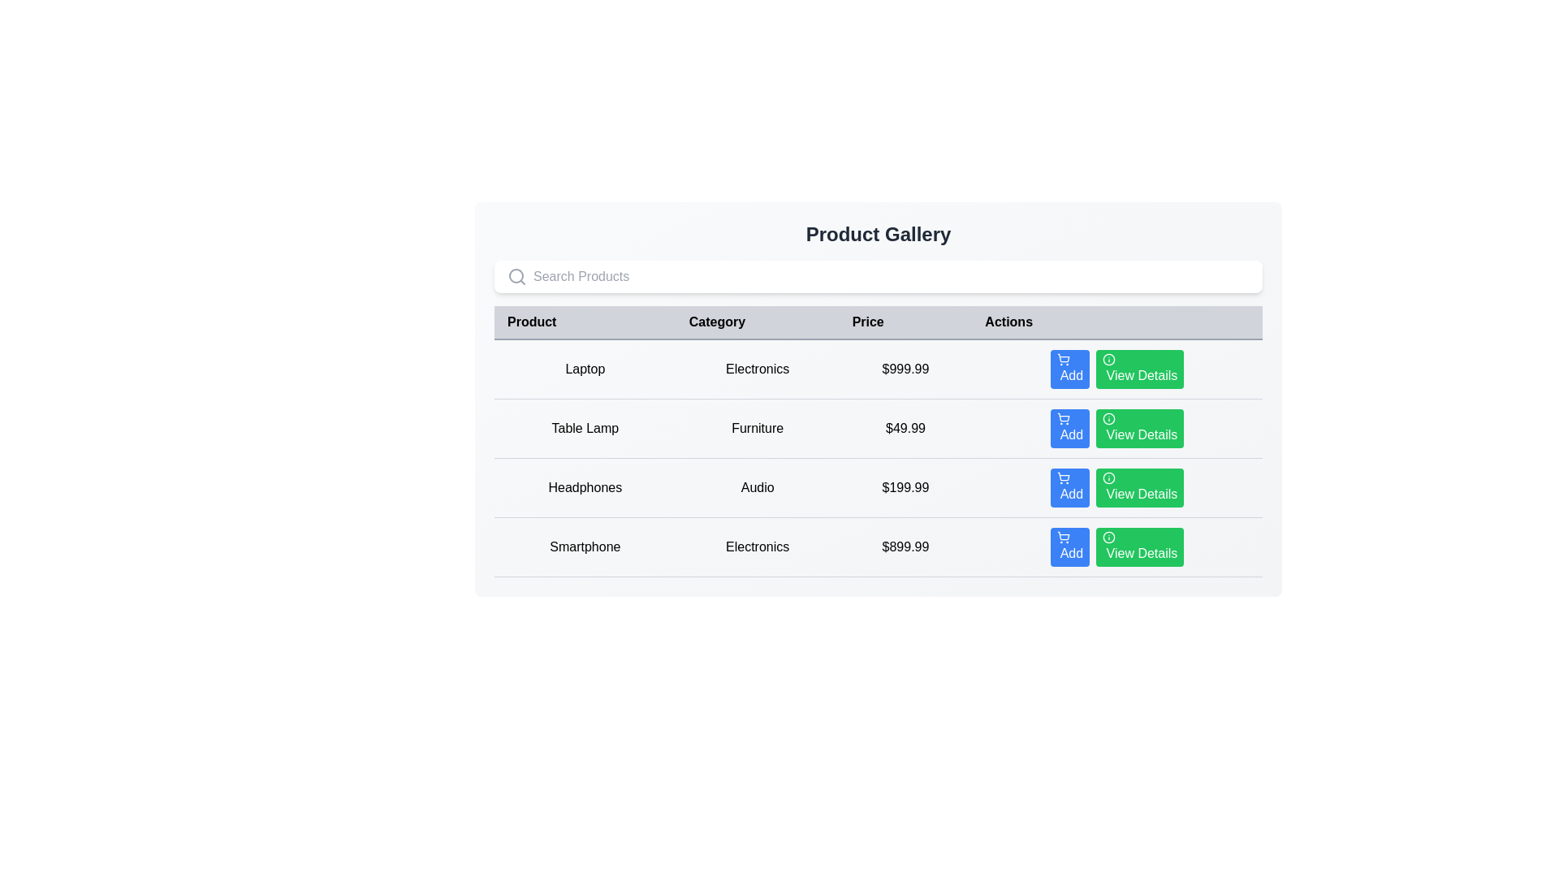  What do you see at coordinates (1070, 547) in the screenshot?
I see `the 'Add to Cart' button for the 'Smartphone' product located in the last row of the product listing table, positioned to the left of the green 'View Details' button` at bounding box center [1070, 547].